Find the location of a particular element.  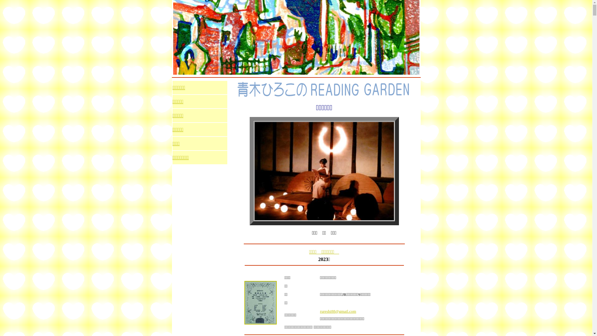

'rureshi88@gmail.com' is located at coordinates (337, 311).